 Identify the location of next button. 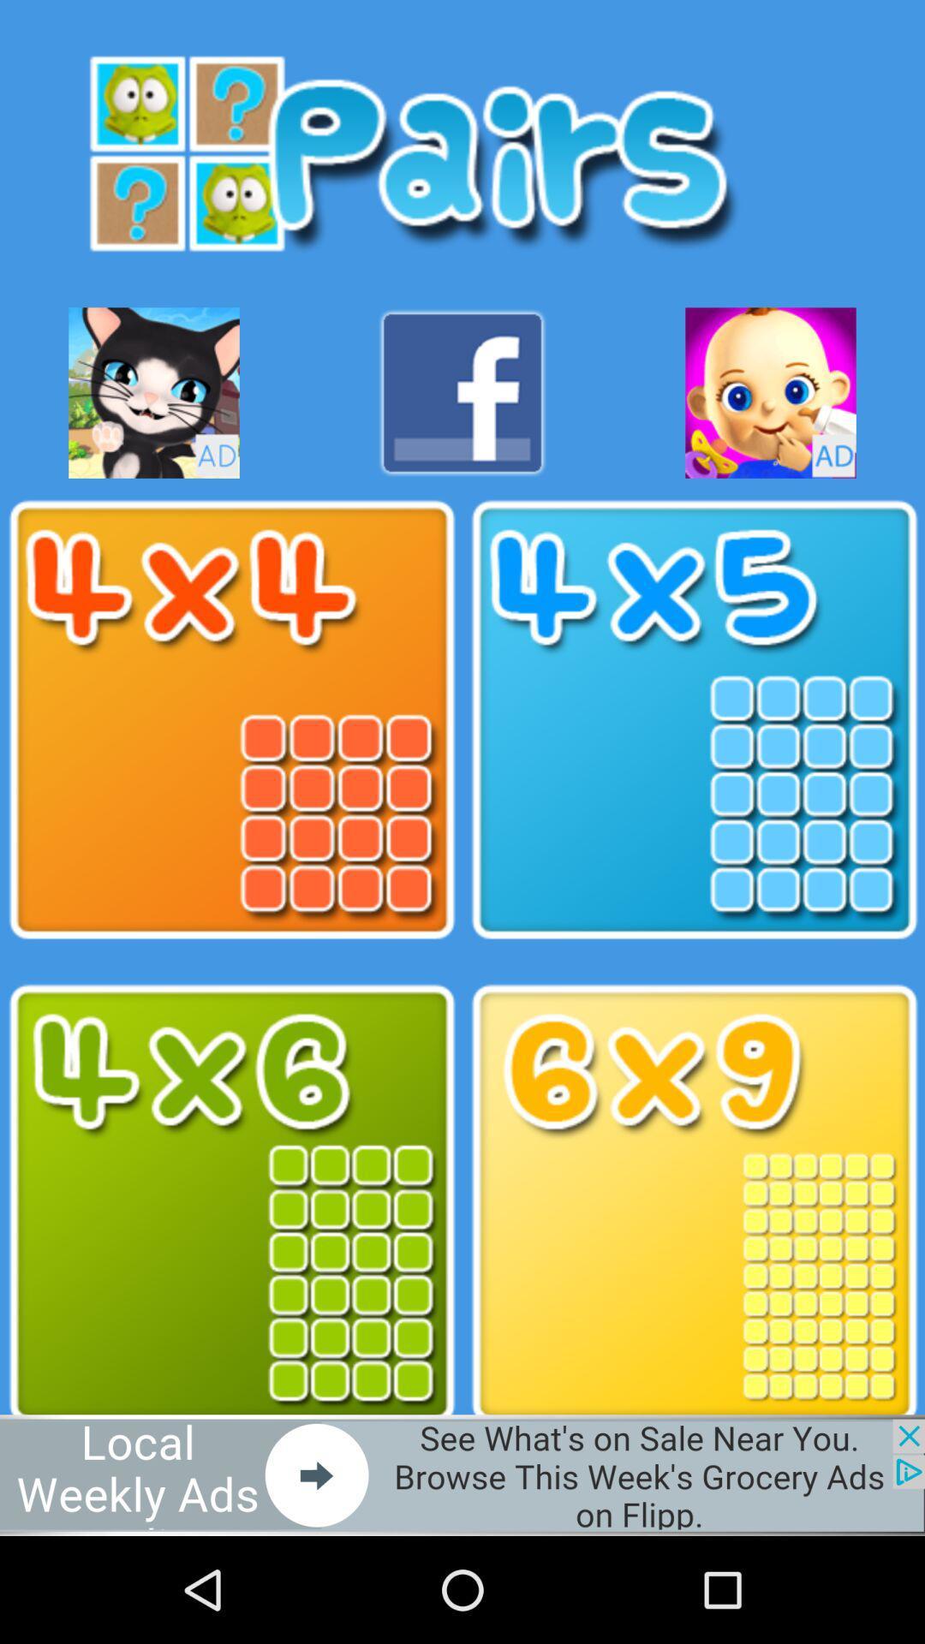
(462, 1474).